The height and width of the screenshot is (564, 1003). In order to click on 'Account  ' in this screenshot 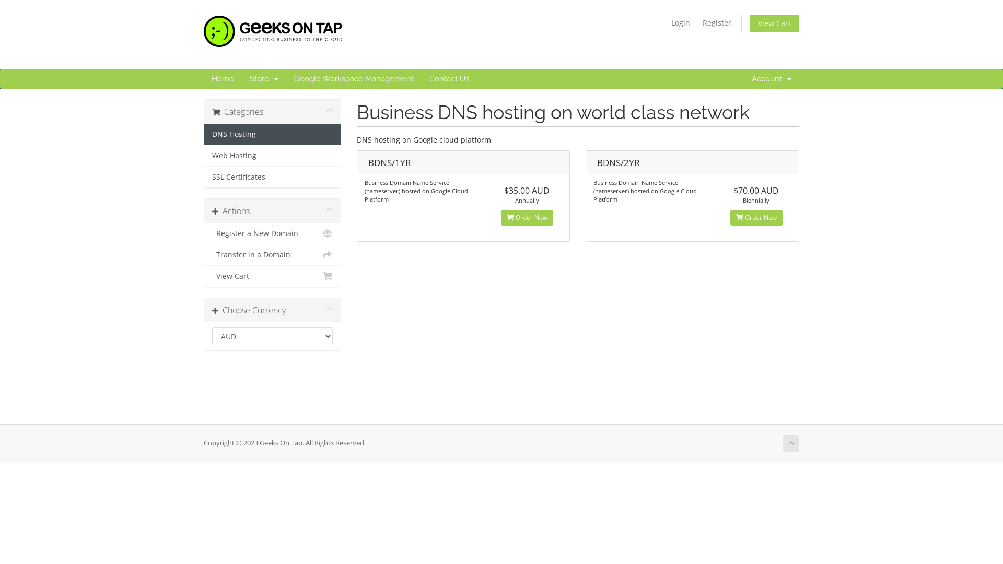, I will do `click(772, 78)`.